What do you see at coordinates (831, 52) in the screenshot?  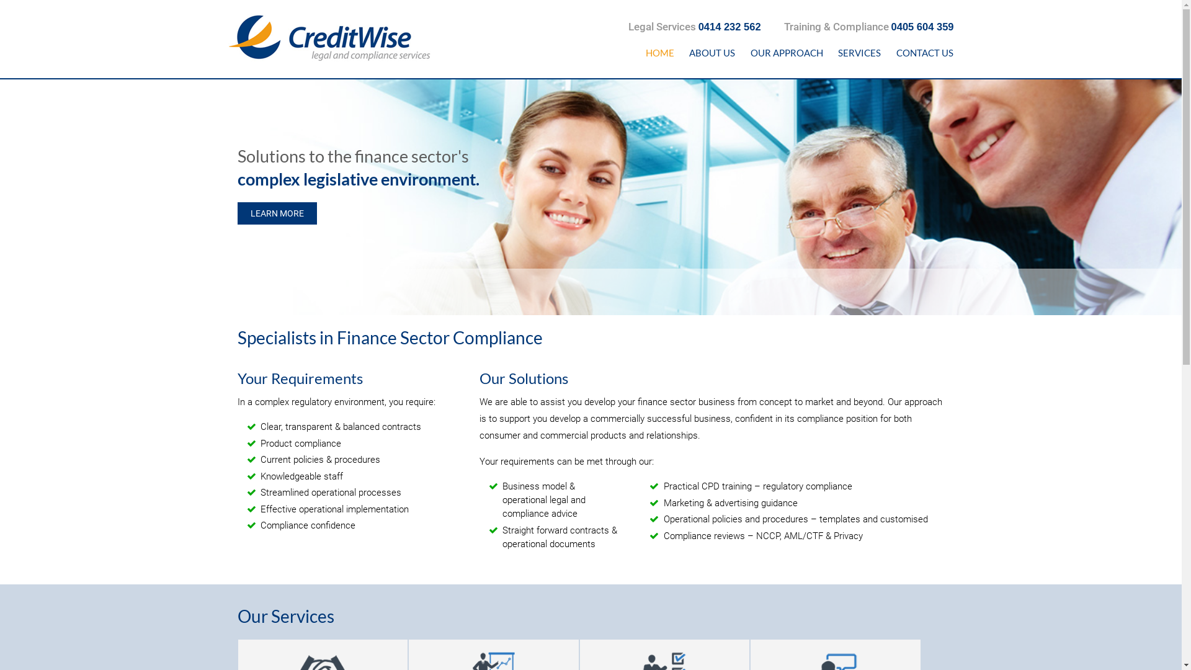 I see `'SERVICES'` at bounding box center [831, 52].